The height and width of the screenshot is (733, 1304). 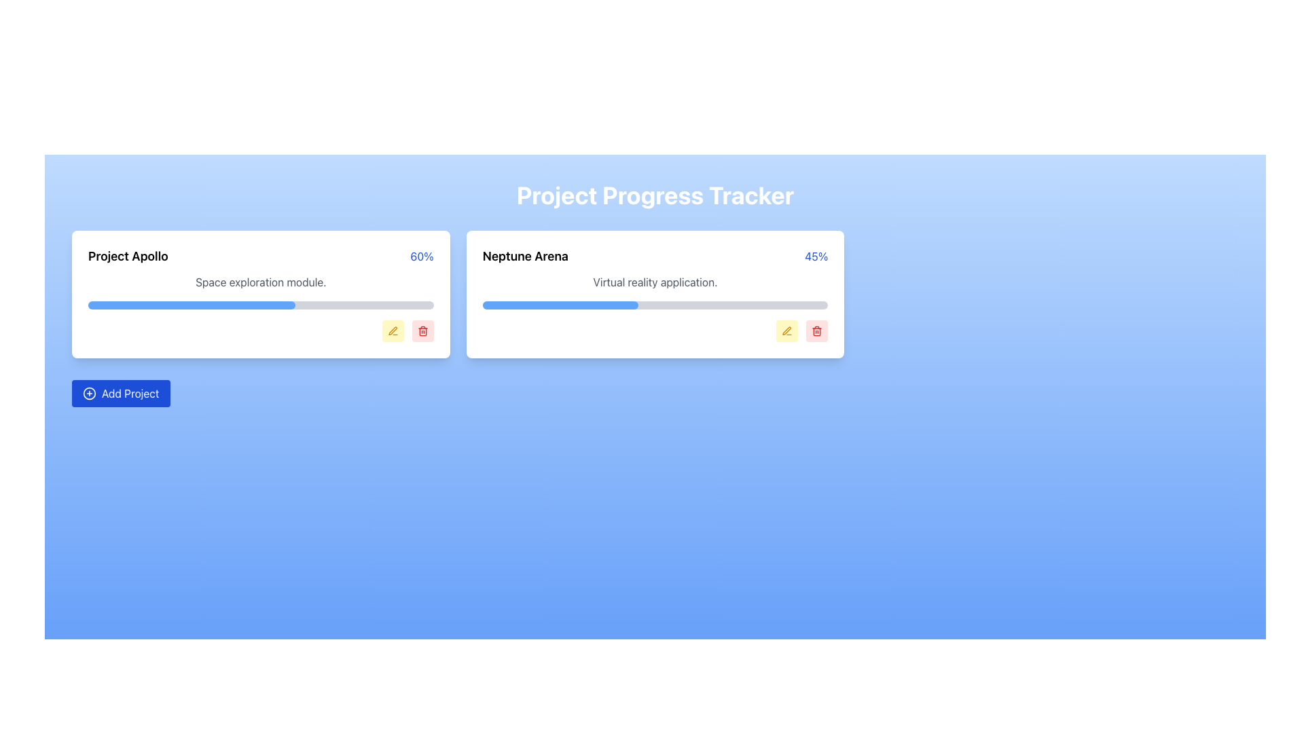 What do you see at coordinates (655, 294) in the screenshot?
I see `progress bar of the 'Neptune Arena' project card, which is the second card in the 'Project Progress Tracker' section` at bounding box center [655, 294].